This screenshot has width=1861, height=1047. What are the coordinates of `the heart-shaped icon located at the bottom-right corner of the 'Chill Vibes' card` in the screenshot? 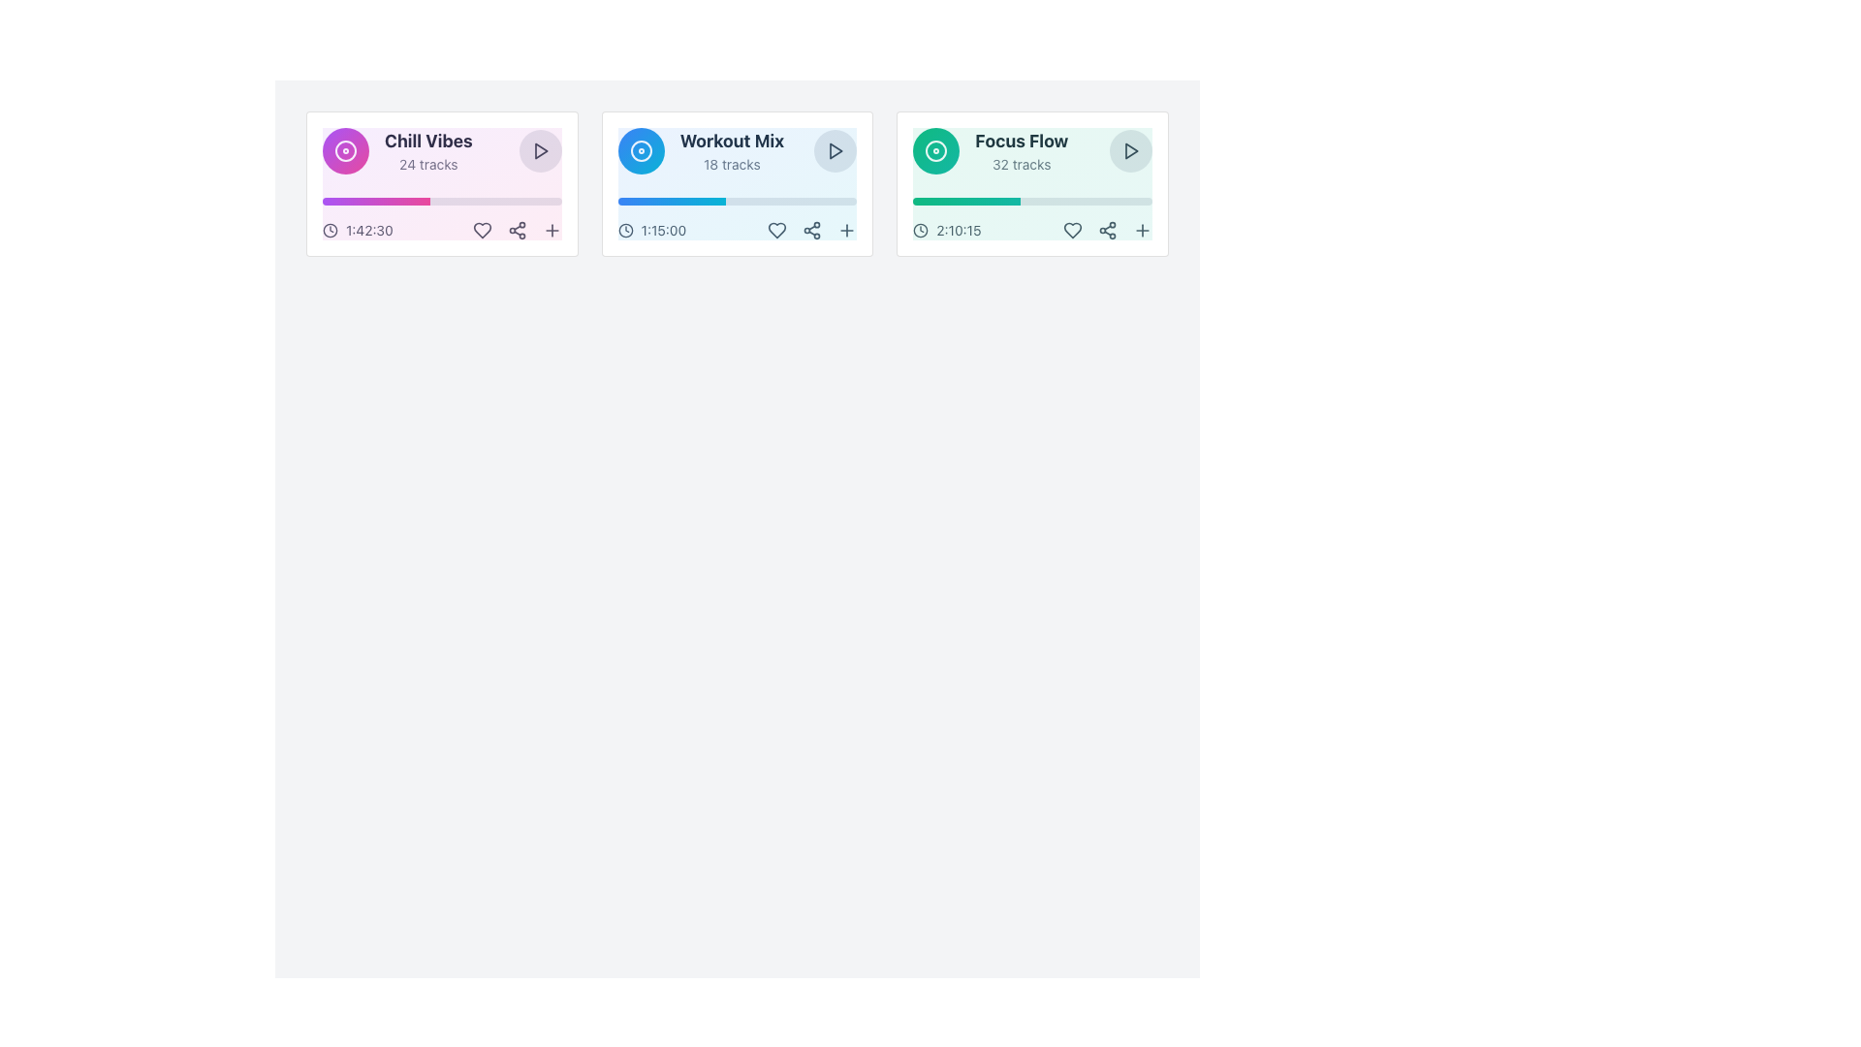 It's located at (482, 230).